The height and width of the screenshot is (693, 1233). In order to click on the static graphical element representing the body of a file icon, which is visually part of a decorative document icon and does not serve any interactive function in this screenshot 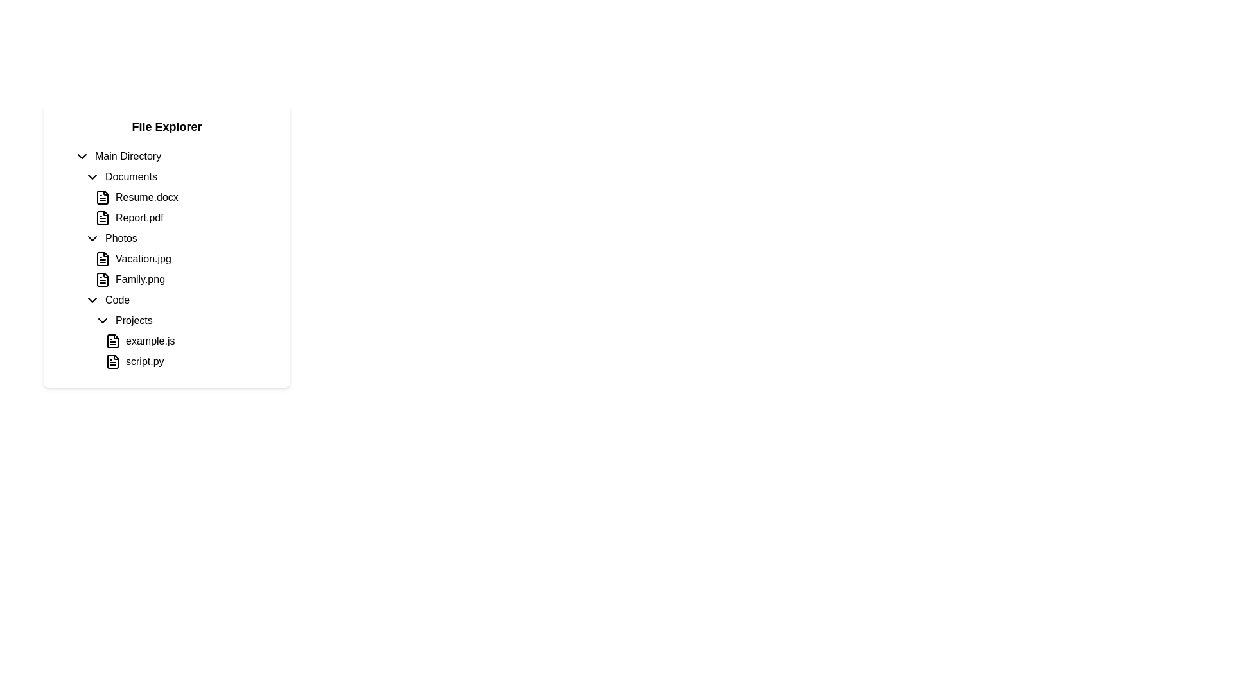, I will do `click(101, 278)`.